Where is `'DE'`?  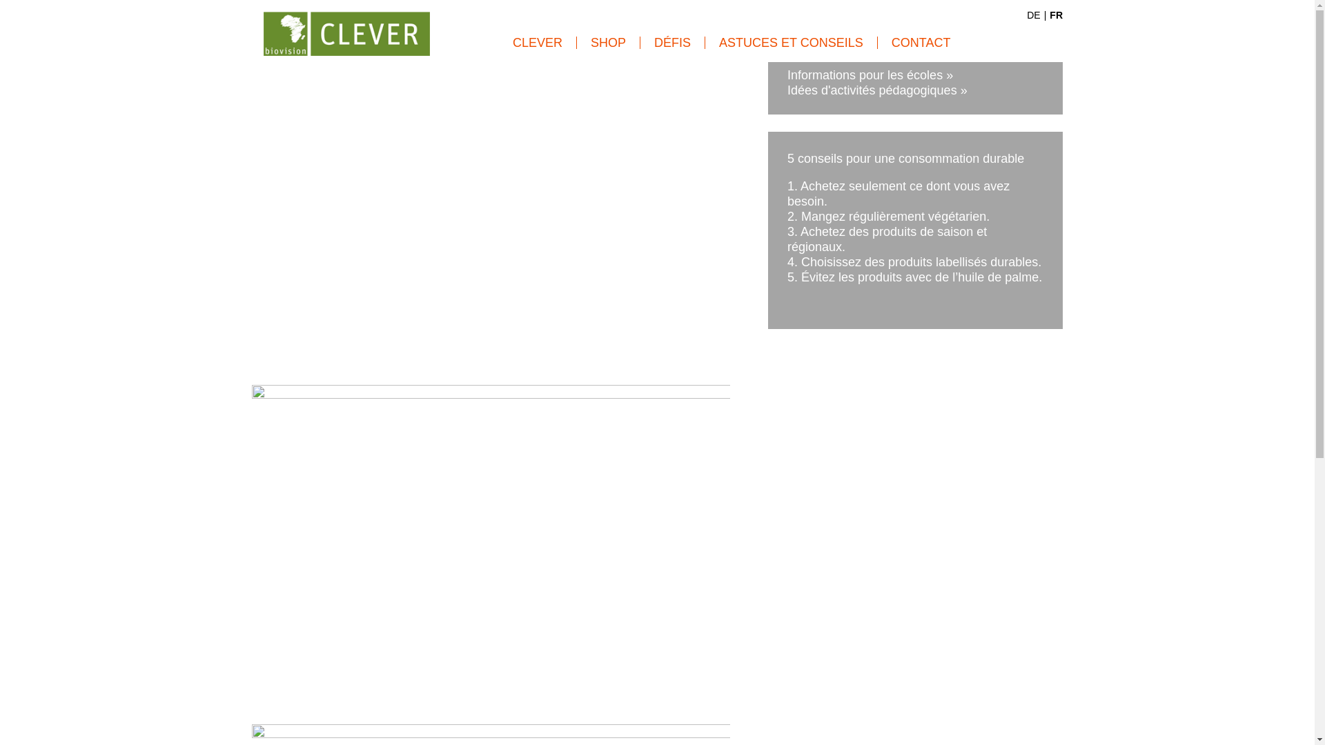 'DE' is located at coordinates (1033, 15).